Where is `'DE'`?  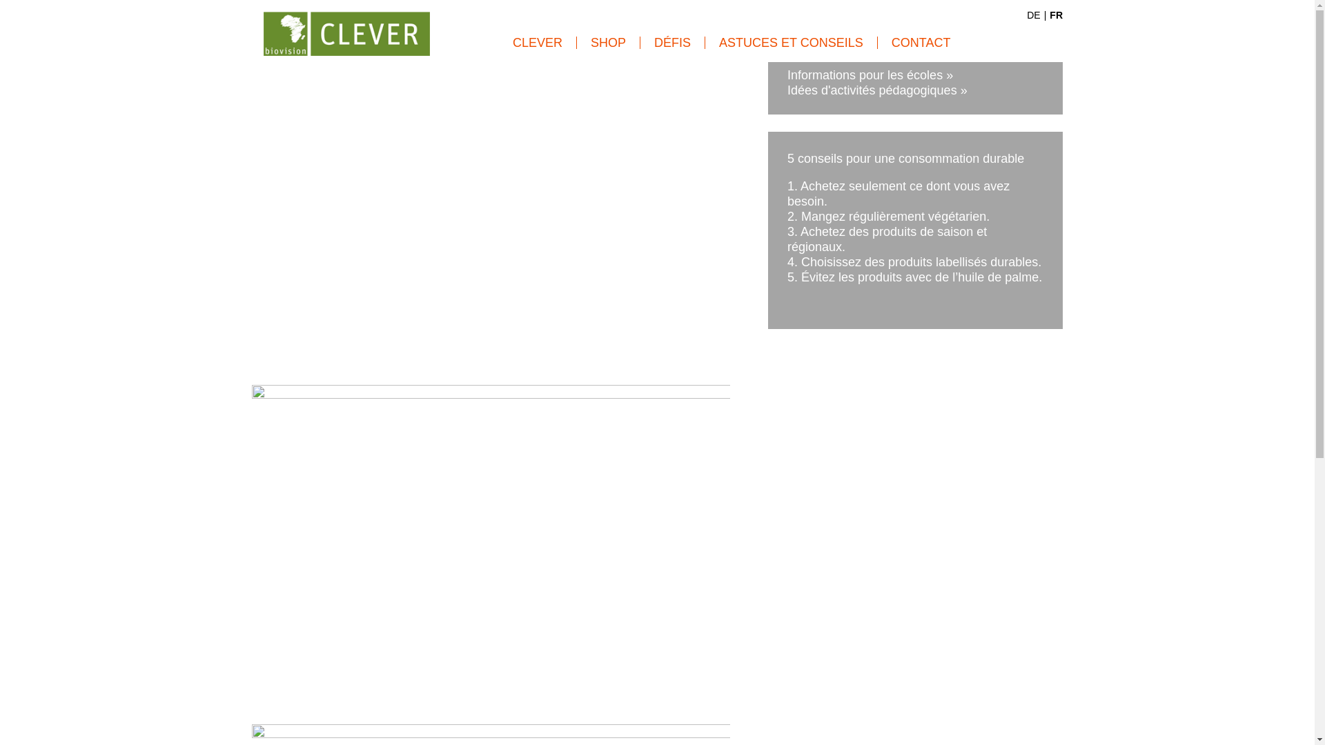 'DE' is located at coordinates (1033, 15).